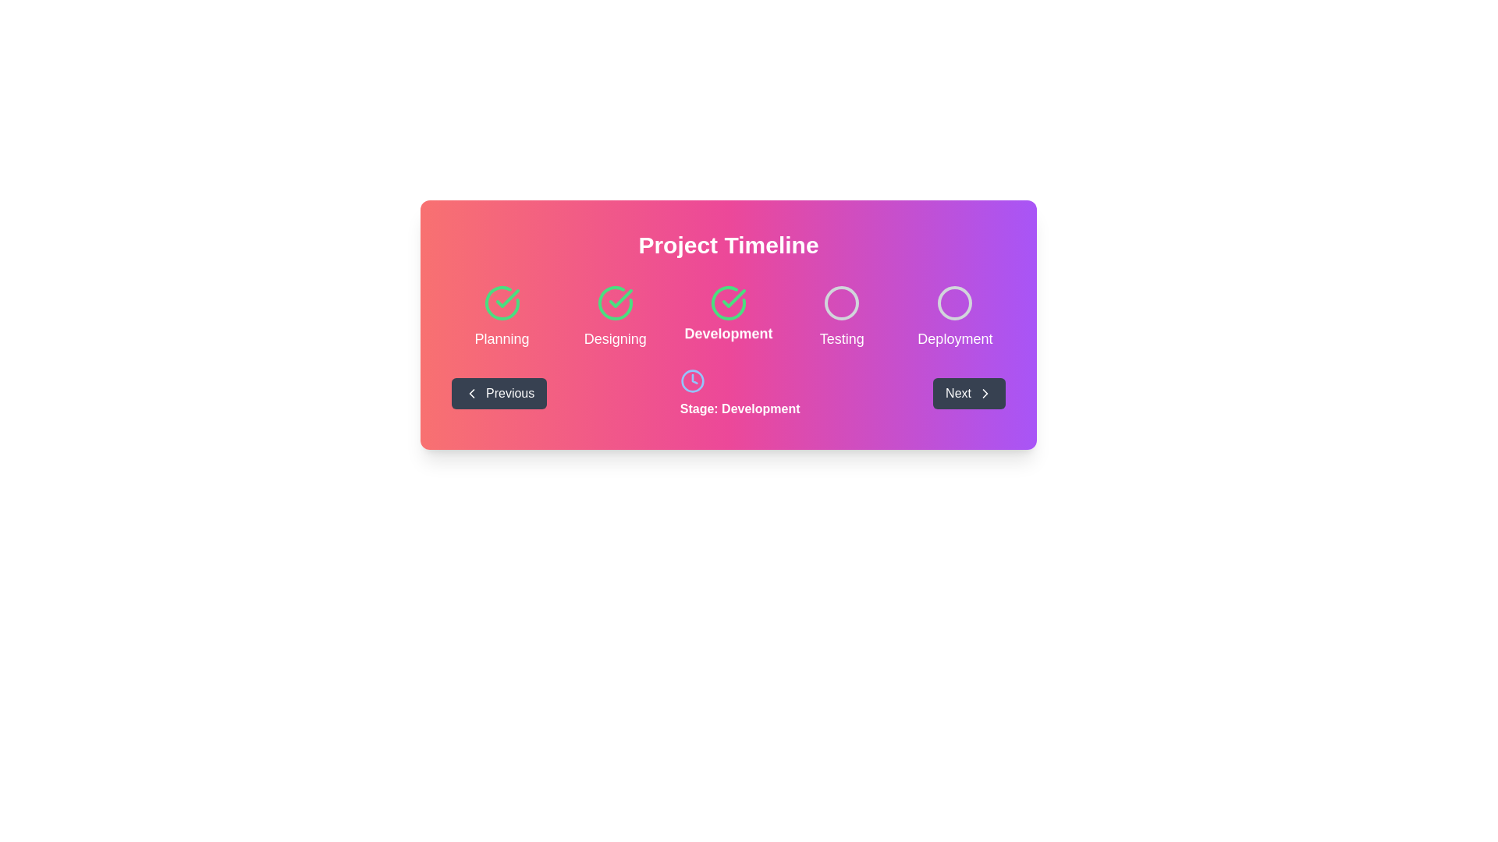 The width and height of the screenshot is (1498, 842). Describe the element at coordinates (502, 317) in the screenshot. I see `the Timeline stage indicator, which features a green circular checkmark above the text 'Planning', to engage with surrounding elements in the timeline` at that location.